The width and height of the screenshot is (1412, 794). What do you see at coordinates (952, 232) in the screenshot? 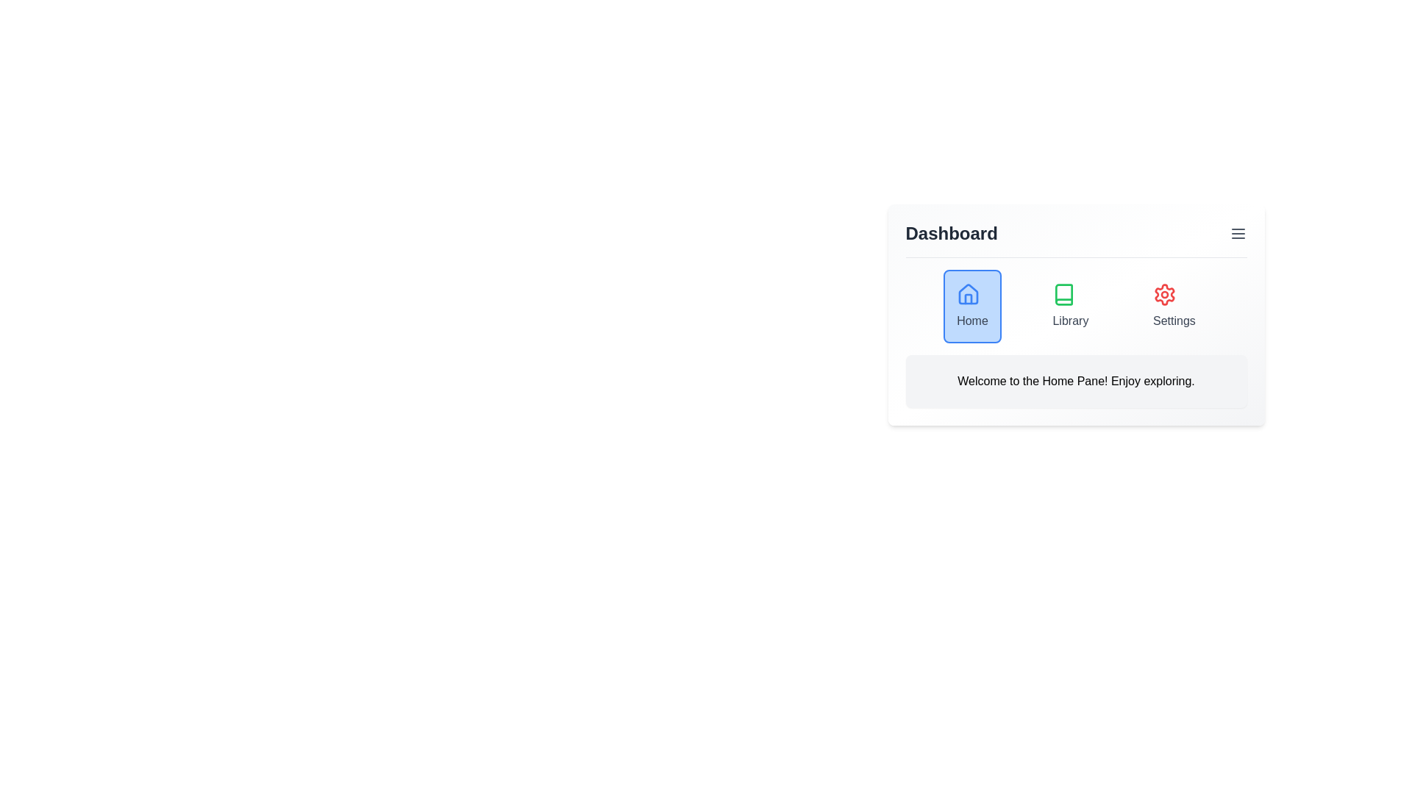
I see `the 'Dashboard' text label which serves as the header for the current page, positioned at the top left of the interface` at bounding box center [952, 232].